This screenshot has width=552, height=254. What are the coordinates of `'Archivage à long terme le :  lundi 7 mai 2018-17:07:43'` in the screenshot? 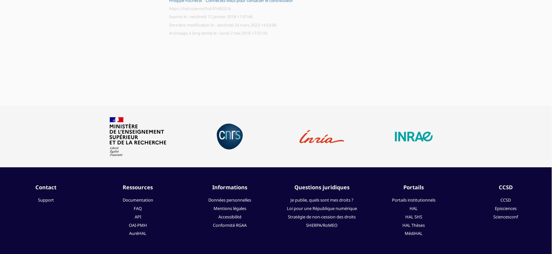 It's located at (217, 33).